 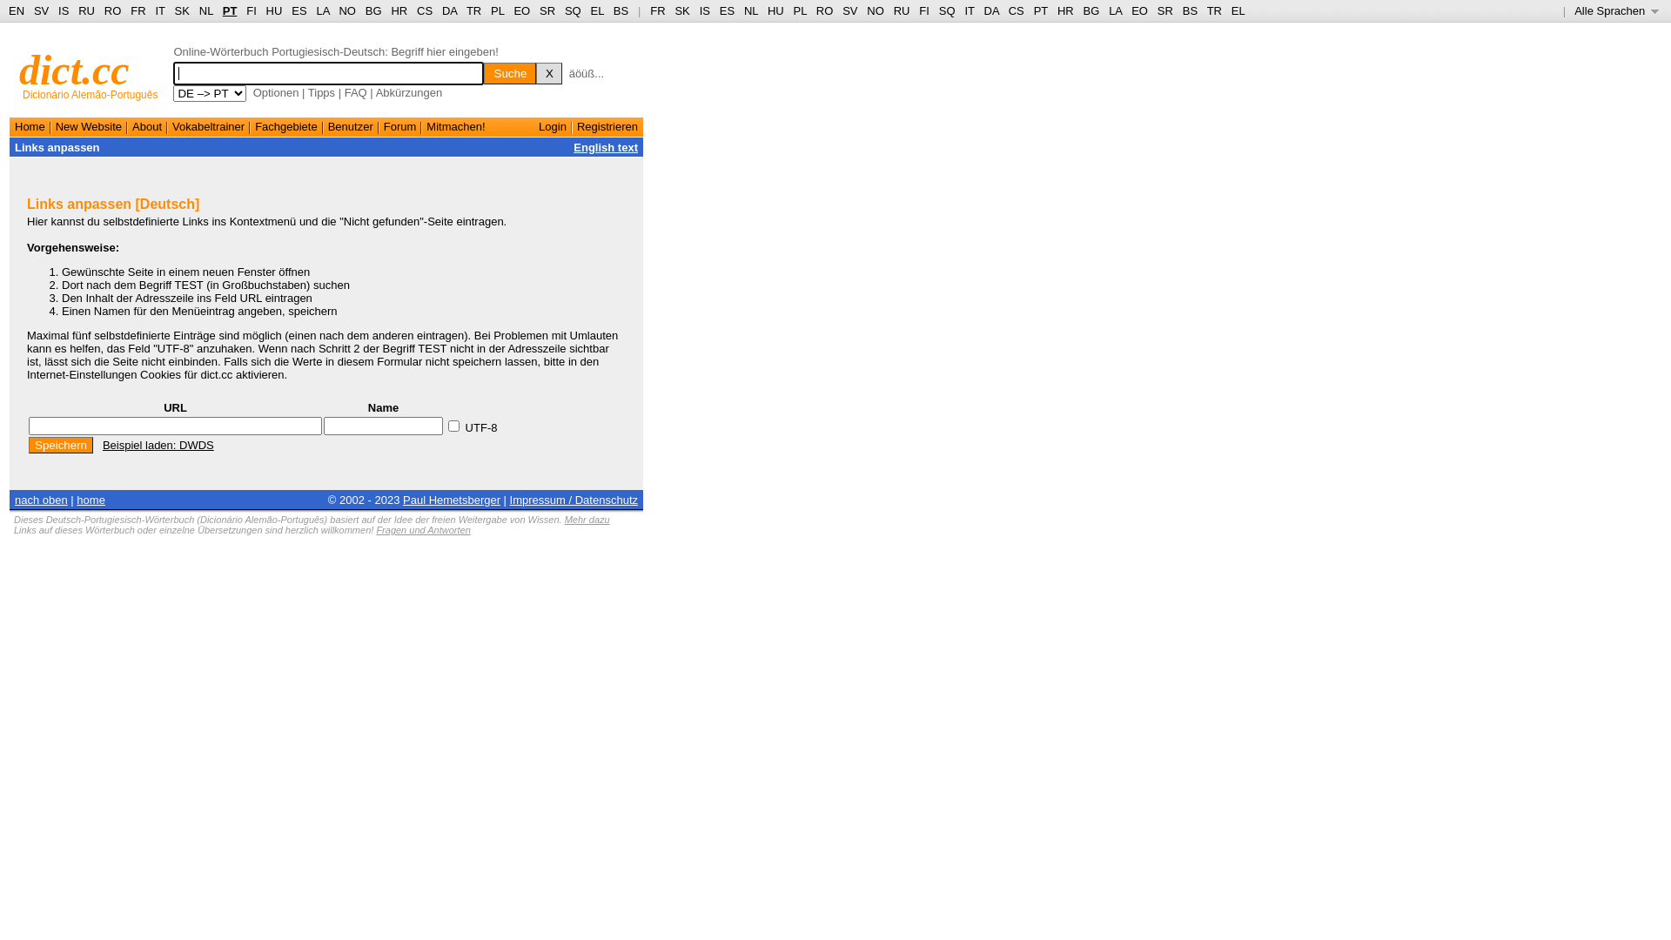 What do you see at coordinates (41, 499) in the screenshot?
I see `'nach oben'` at bounding box center [41, 499].